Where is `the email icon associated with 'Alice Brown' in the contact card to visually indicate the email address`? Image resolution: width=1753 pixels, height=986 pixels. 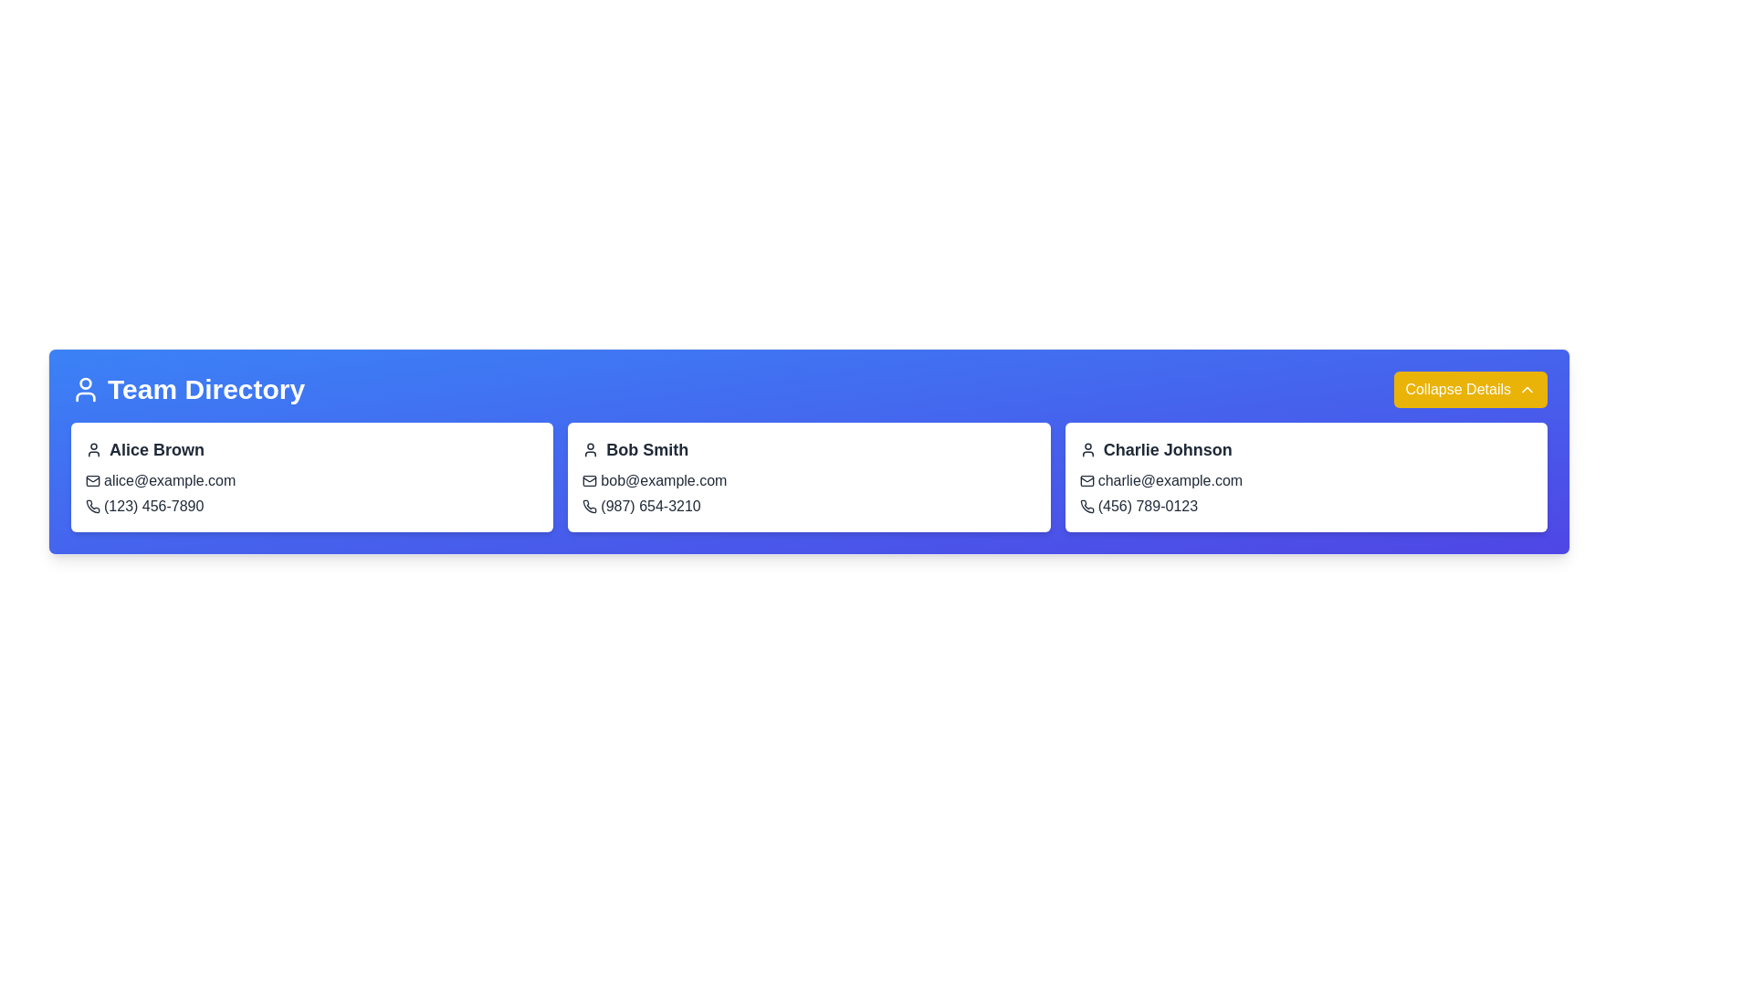
the email icon associated with 'Alice Brown' in the contact card to visually indicate the email address is located at coordinates (91, 480).